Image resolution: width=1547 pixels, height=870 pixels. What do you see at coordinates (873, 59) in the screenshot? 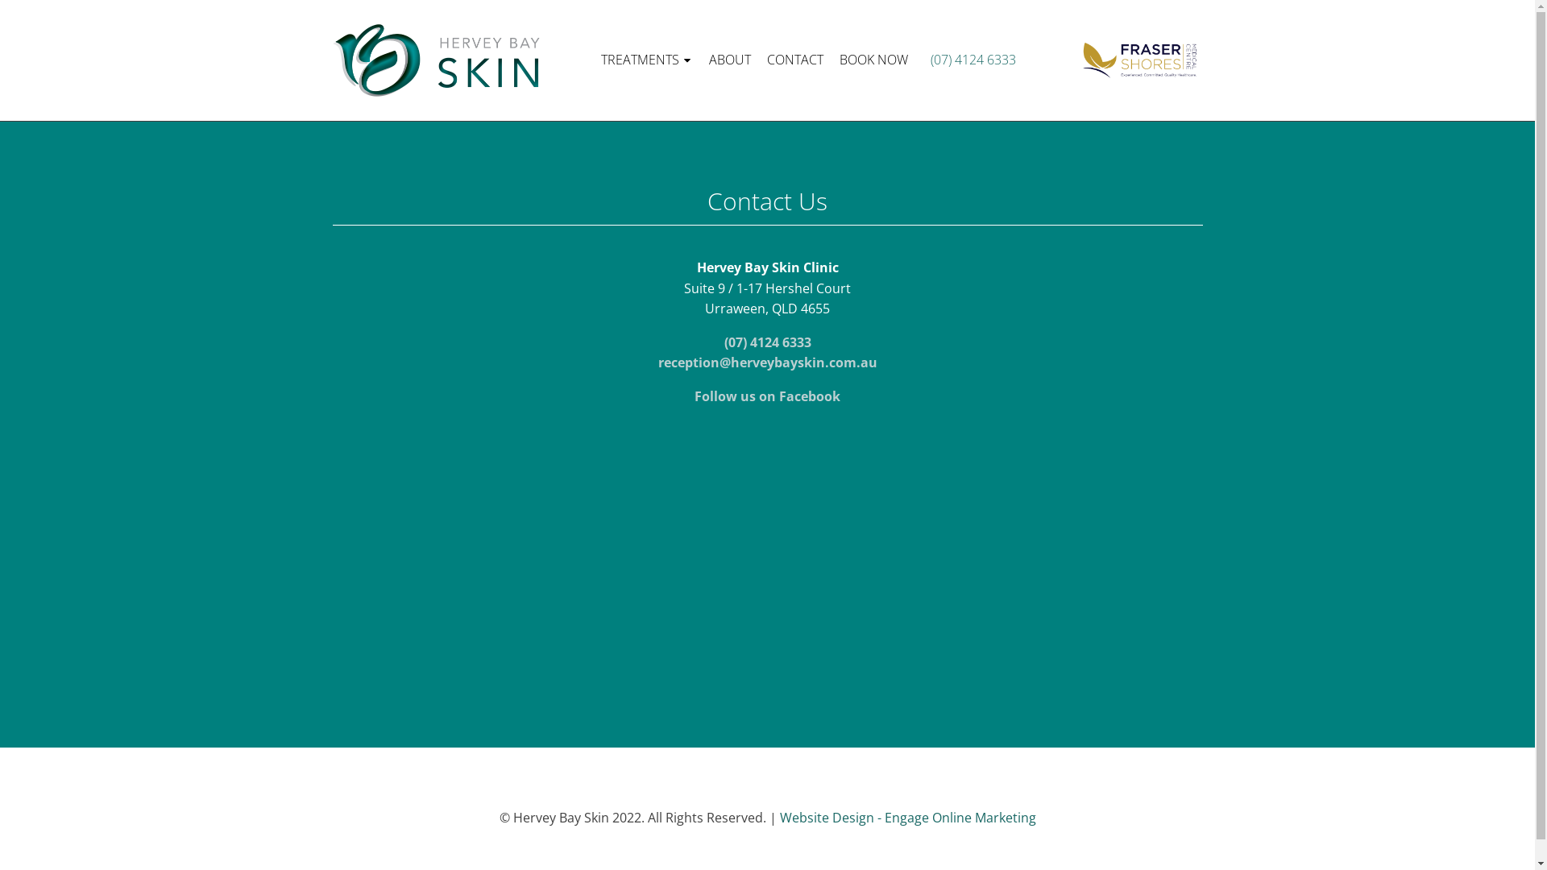
I see `'BOOK NOW'` at bounding box center [873, 59].